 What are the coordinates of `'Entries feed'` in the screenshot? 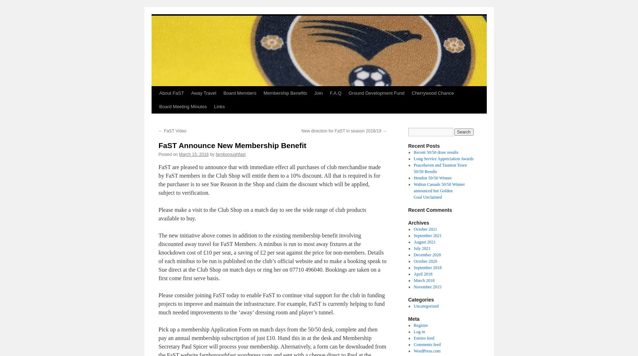 It's located at (423, 338).